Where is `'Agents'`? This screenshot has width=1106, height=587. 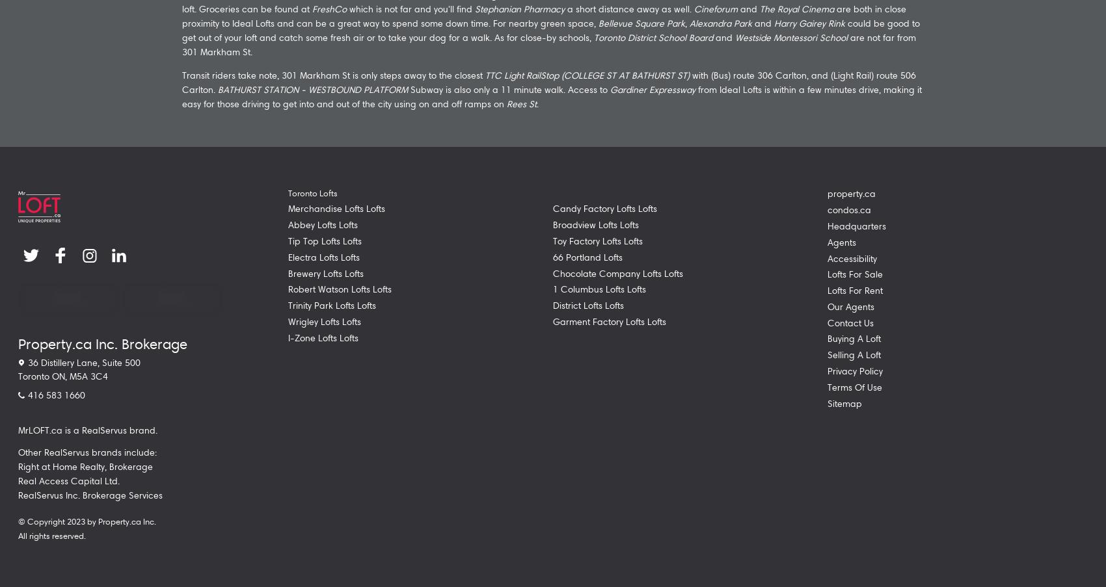 'Agents' is located at coordinates (841, 242).